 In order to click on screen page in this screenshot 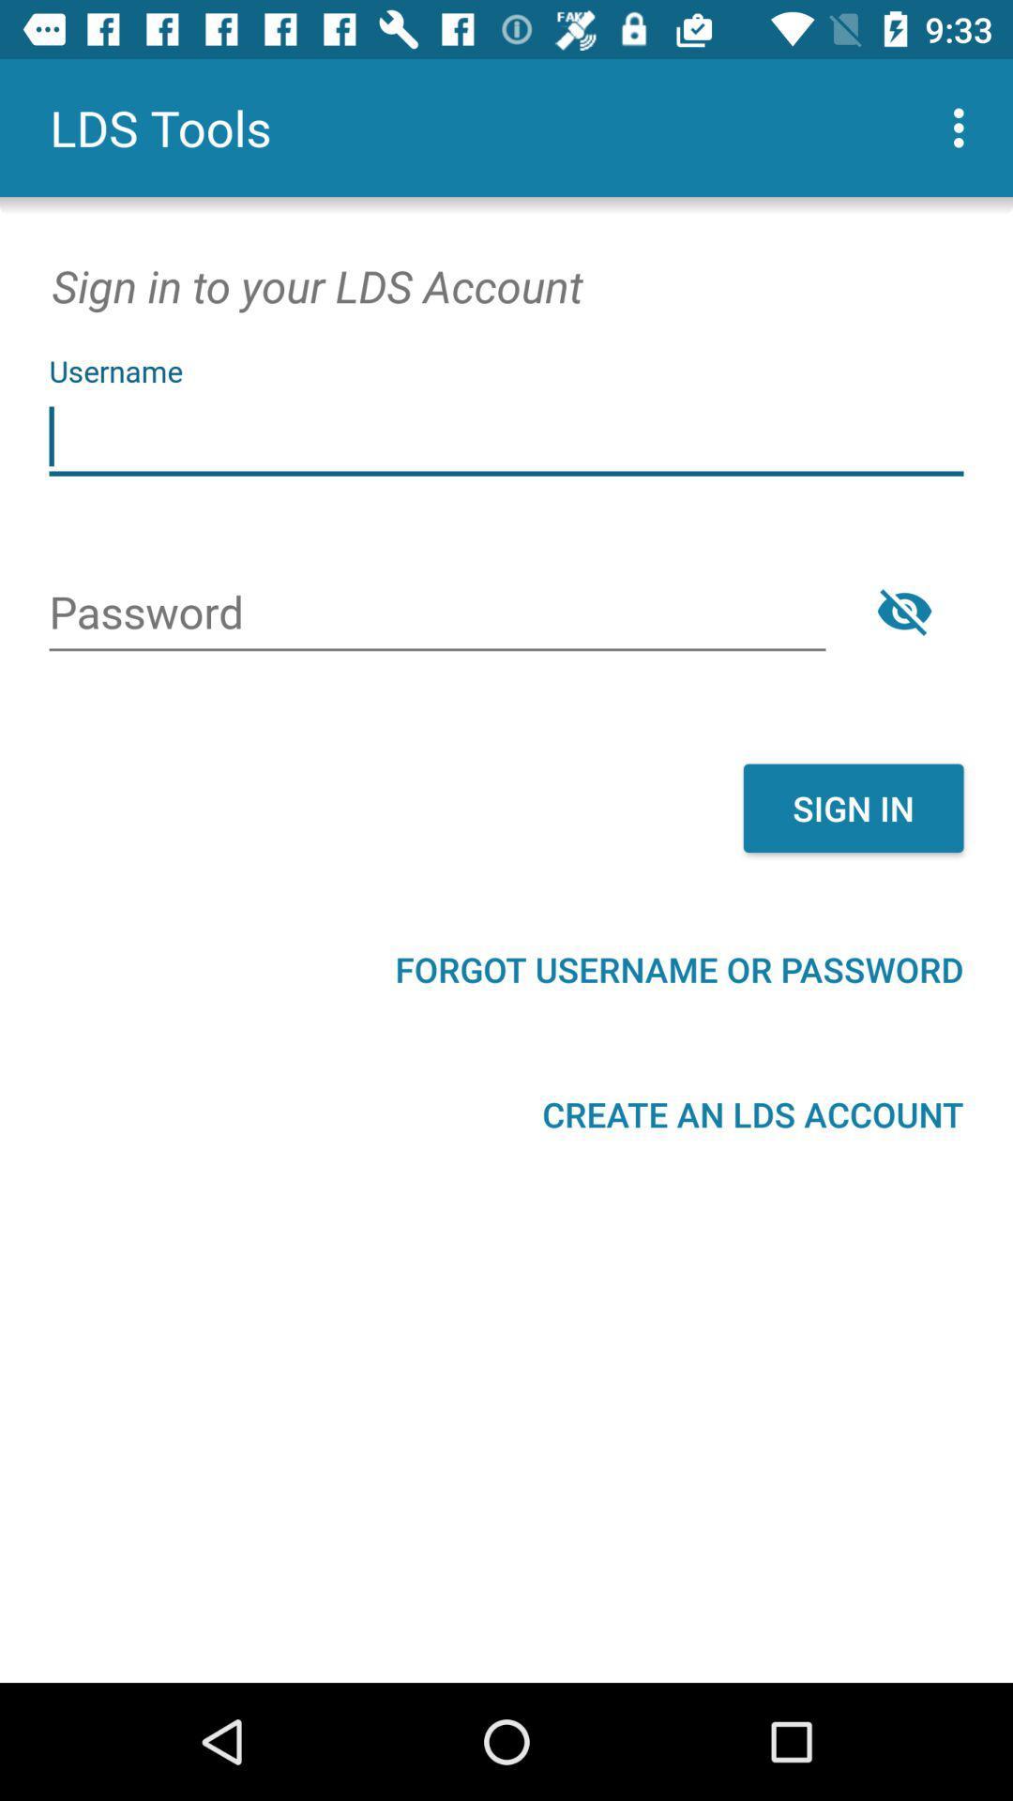, I will do `click(506, 436)`.